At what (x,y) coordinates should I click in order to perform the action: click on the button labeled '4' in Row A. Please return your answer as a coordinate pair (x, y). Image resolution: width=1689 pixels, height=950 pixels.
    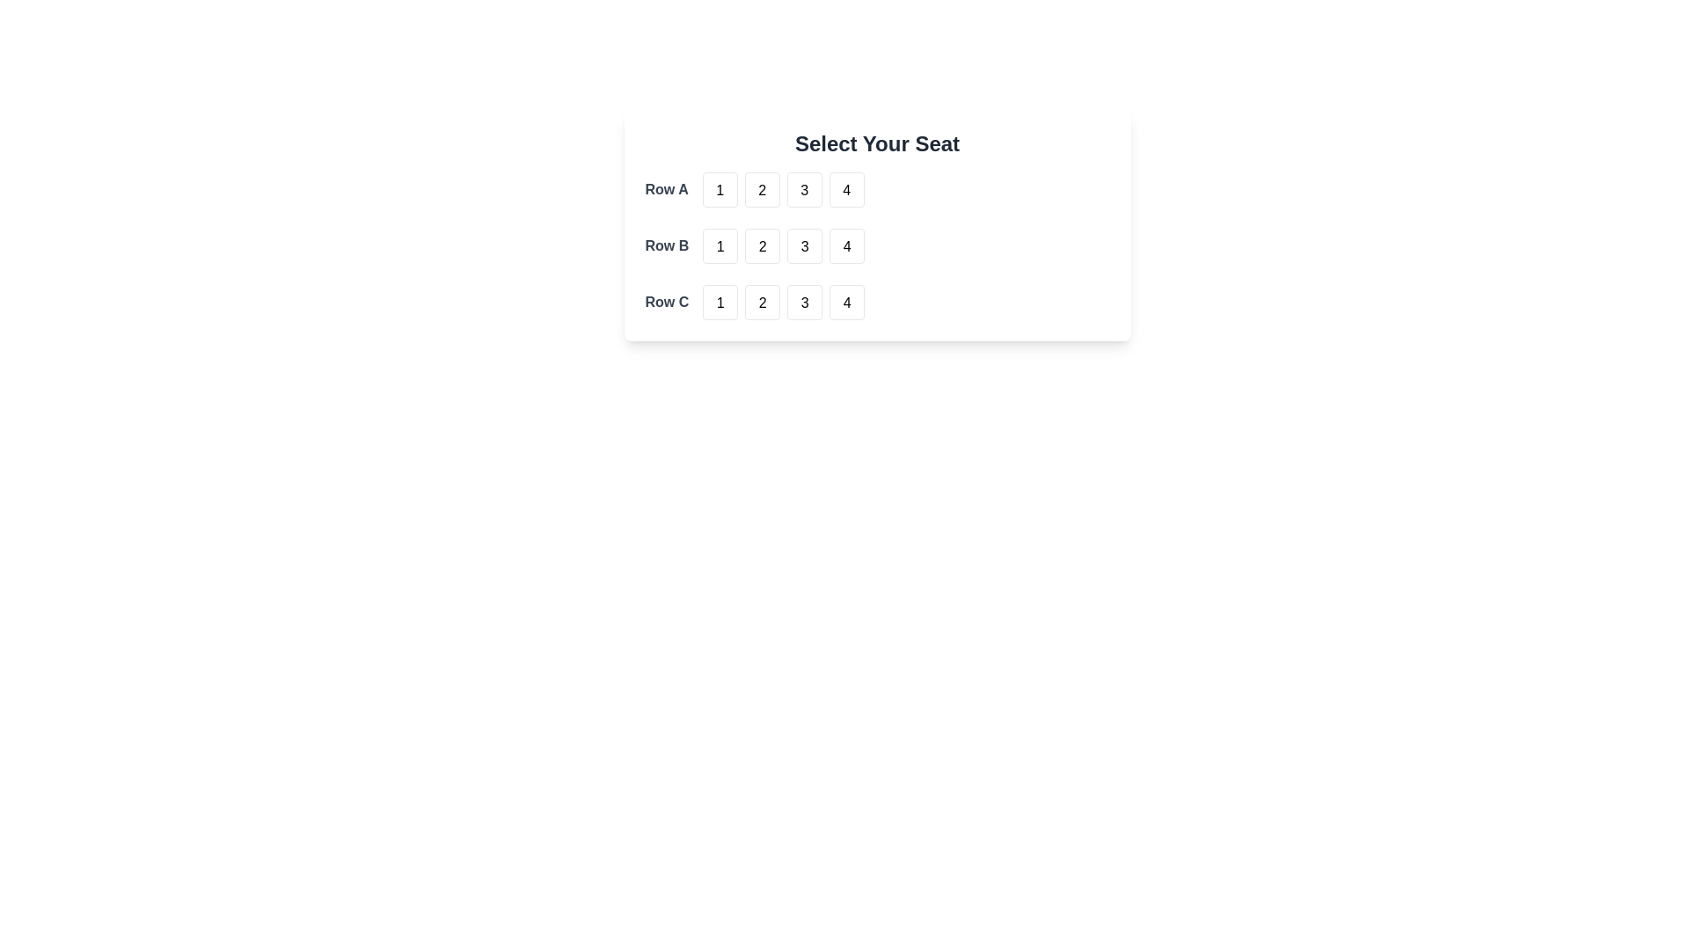
    Looking at the image, I should click on (846, 190).